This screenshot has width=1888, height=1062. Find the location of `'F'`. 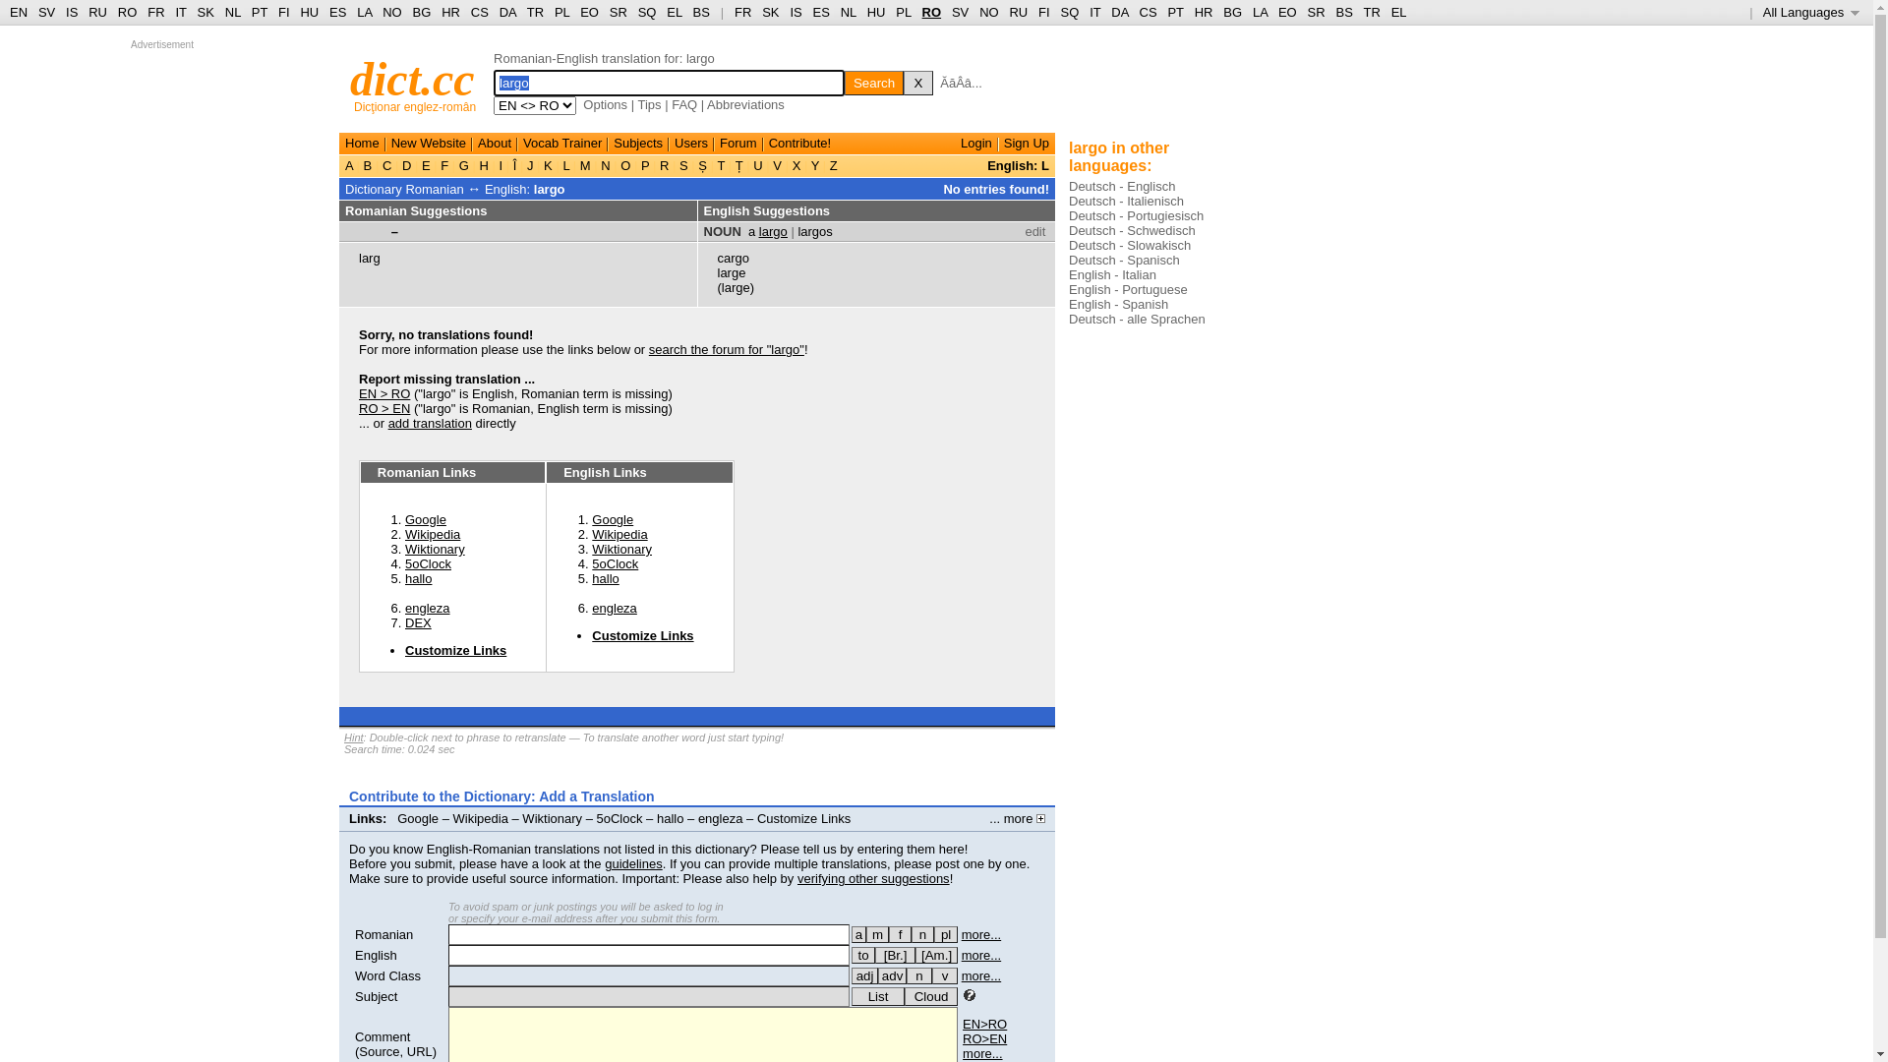

'F' is located at coordinates (443, 164).